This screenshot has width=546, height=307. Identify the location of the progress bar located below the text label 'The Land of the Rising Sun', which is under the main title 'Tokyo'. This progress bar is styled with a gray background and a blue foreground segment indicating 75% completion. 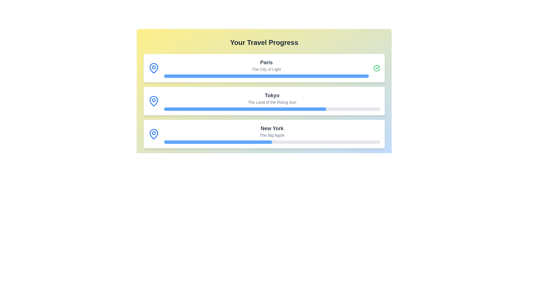
(272, 109).